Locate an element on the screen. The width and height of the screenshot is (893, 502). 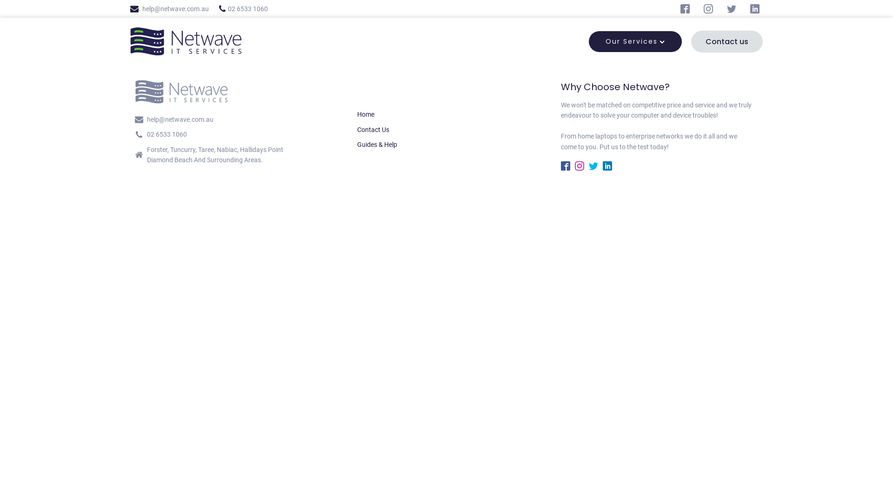
'Home' is located at coordinates (377, 114).